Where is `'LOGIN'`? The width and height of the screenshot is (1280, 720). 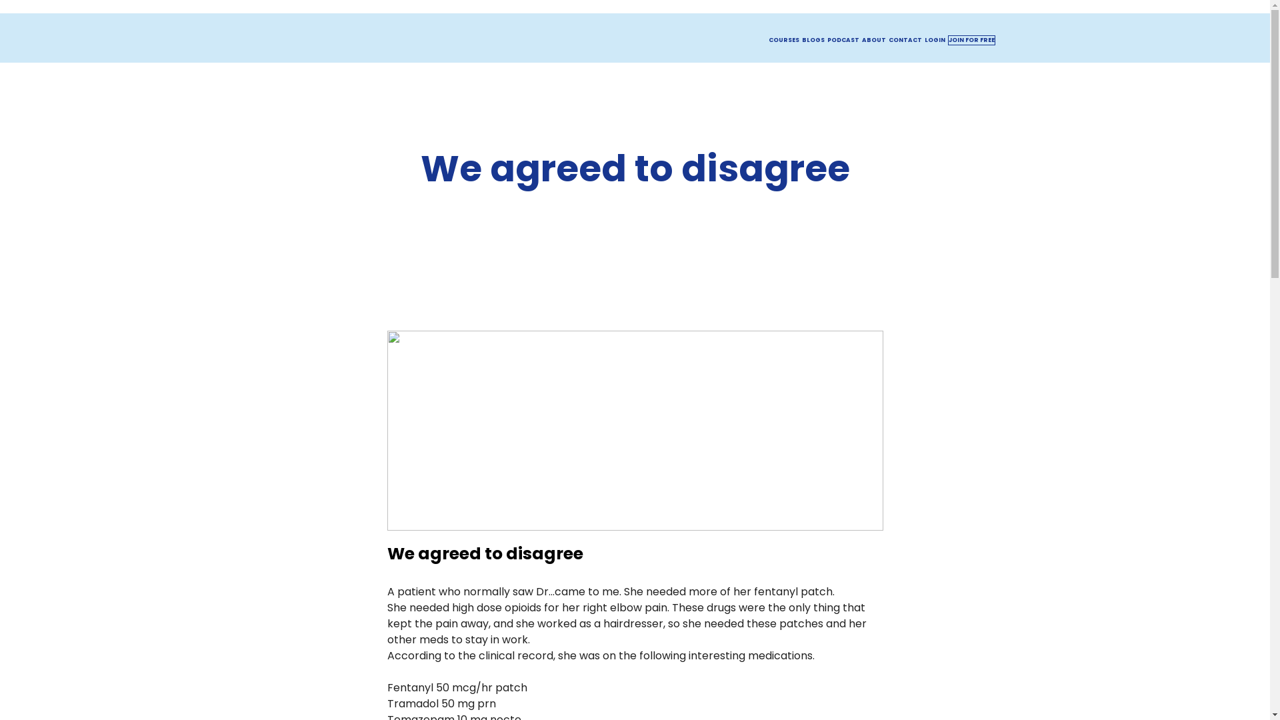 'LOGIN' is located at coordinates (933, 39).